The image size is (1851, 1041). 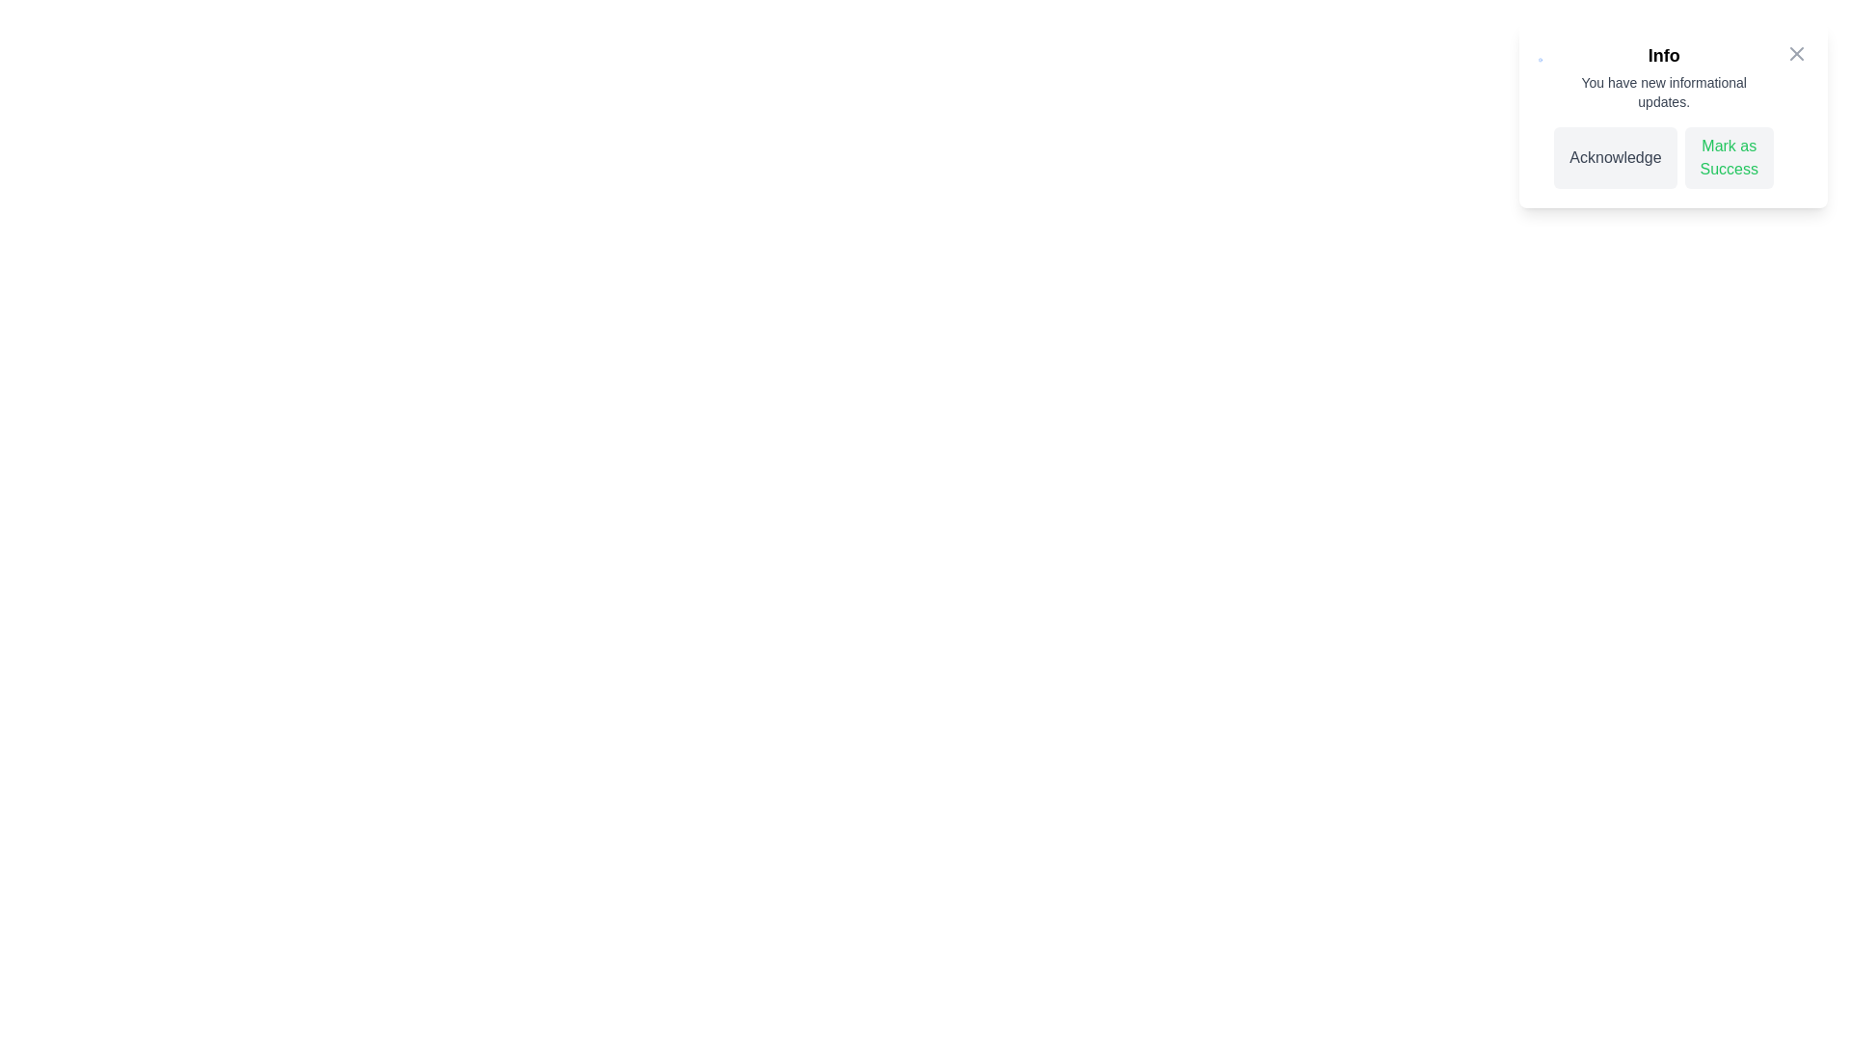 What do you see at coordinates (1795, 53) in the screenshot?
I see `the close button of the notification to close it` at bounding box center [1795, 53].